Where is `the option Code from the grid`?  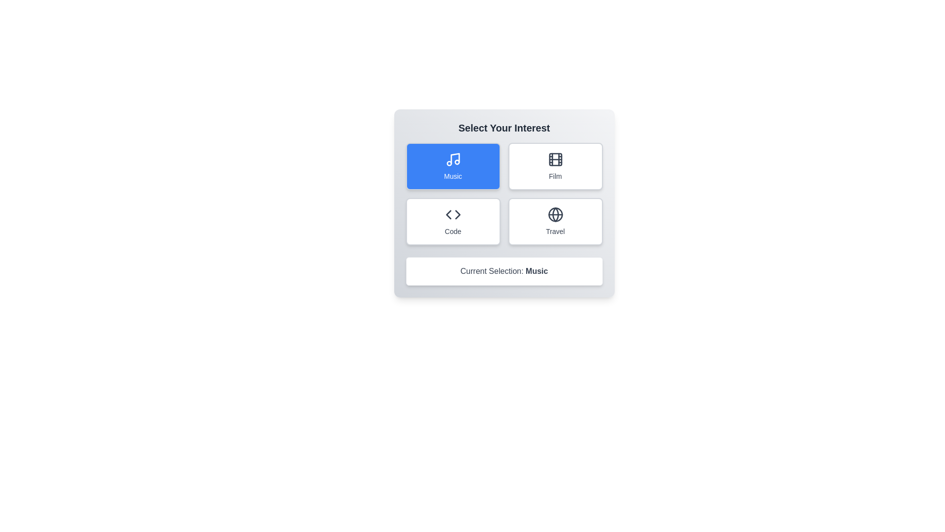
the option Code from the grid is located at coordinates (452, 222).